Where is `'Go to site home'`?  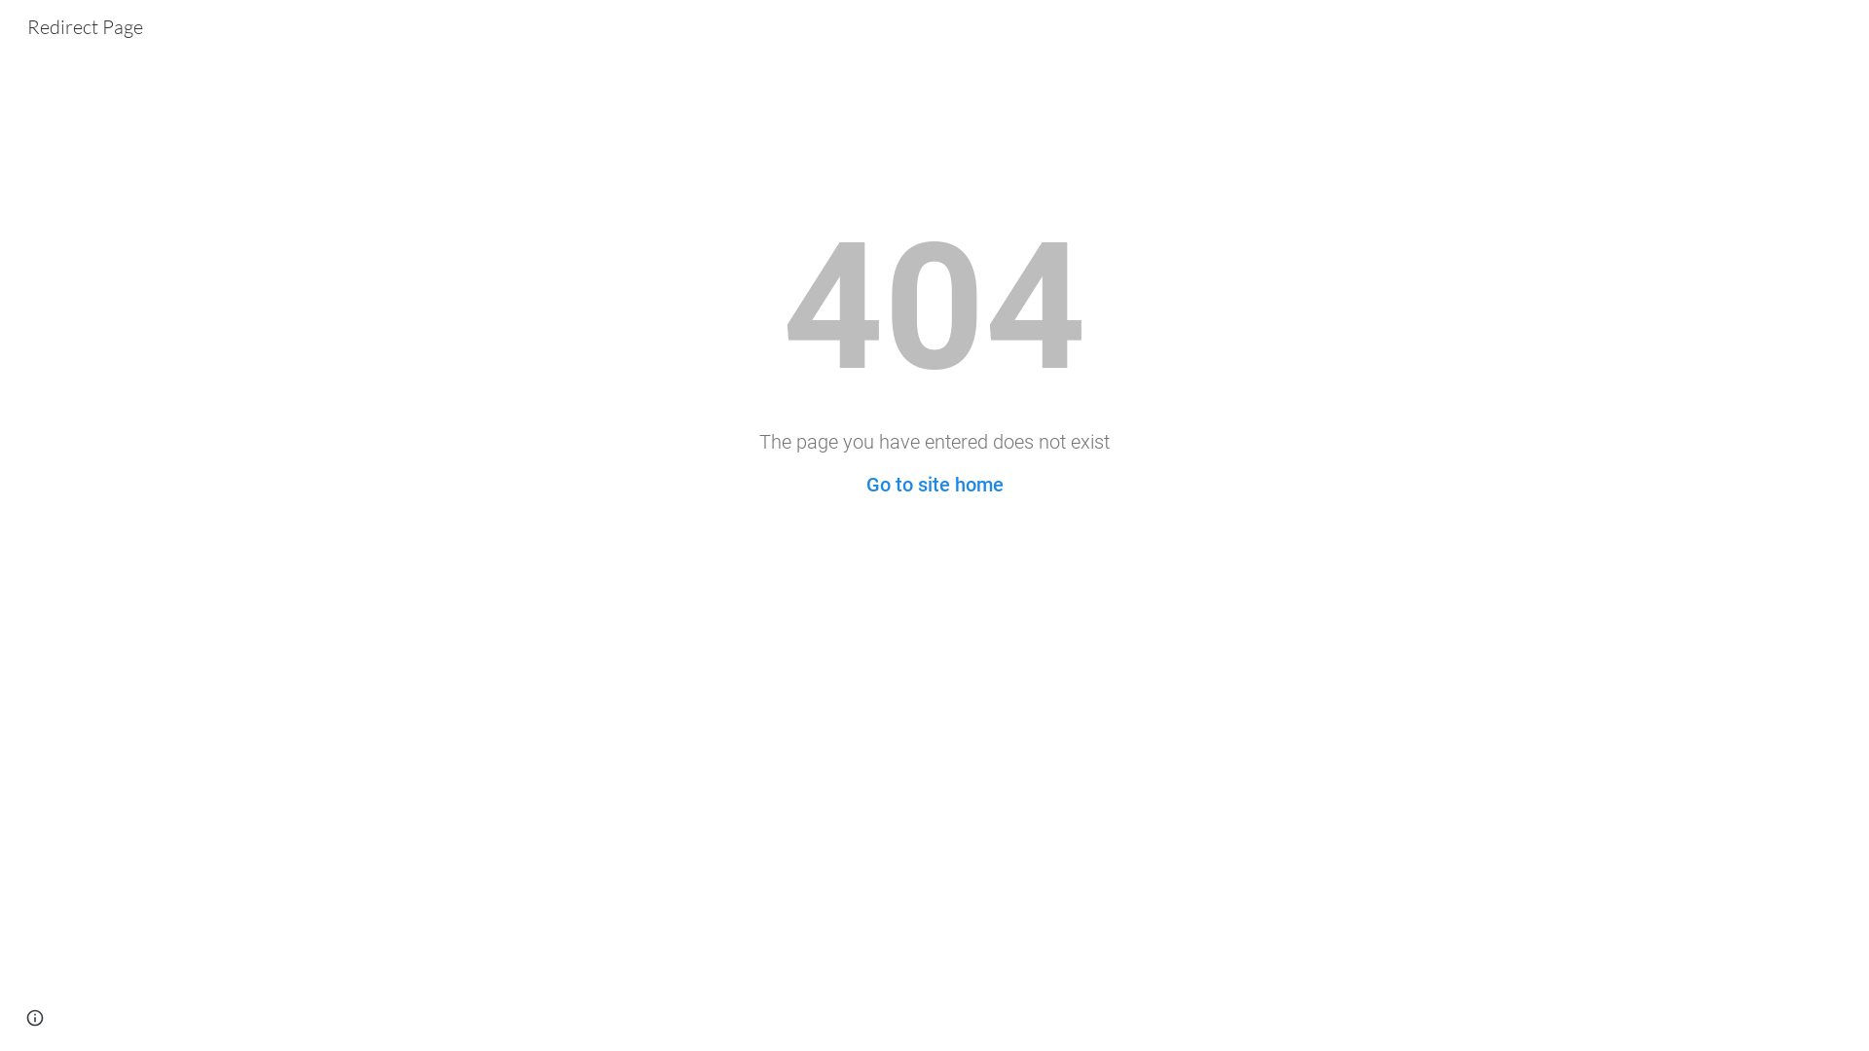
'Go to site home' is located at coordinates (934, 483).